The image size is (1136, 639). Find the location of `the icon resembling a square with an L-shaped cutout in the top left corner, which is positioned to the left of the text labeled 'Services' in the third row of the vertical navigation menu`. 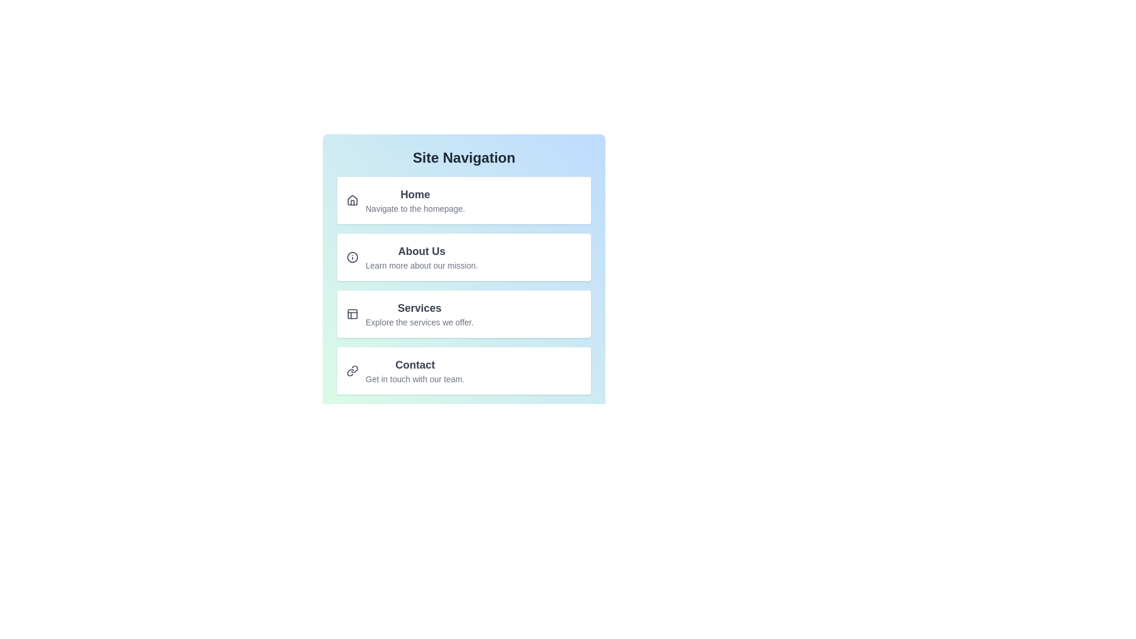

the icon resembling a square with an L-shaped cutout in the top left corner, which is positioned to the left of the text labeled 'Services' in the third row of the vertical navigation menu is located at coordinates (351, 314).